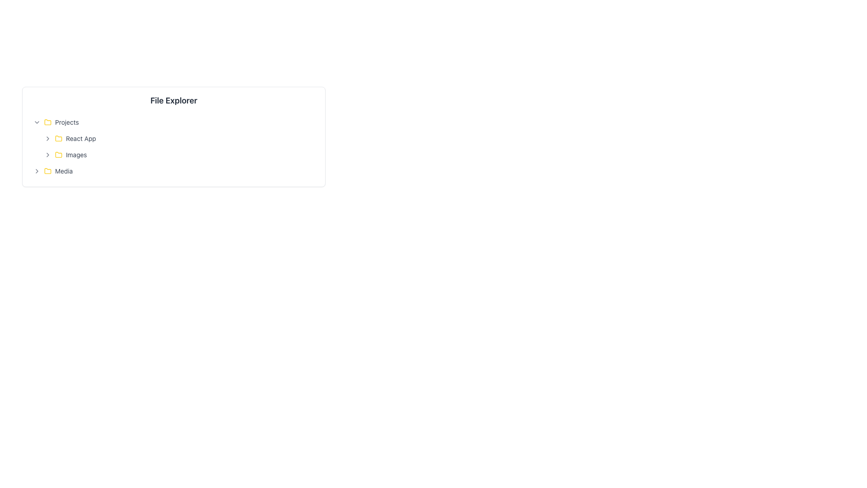  I want to click on the yellow folder icon located beside the 'React App' text, so click(58, 138).